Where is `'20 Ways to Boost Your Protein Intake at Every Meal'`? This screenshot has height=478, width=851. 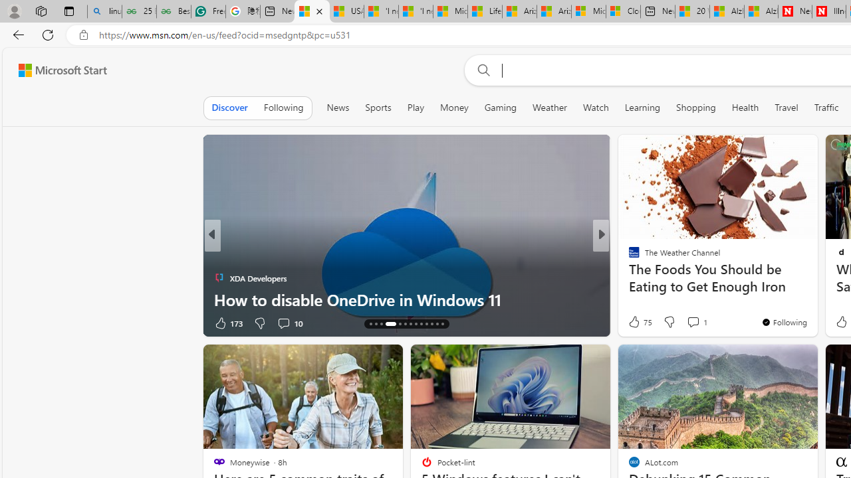 '20 Ways to Boost Your Protein Intake at Every Meal' is located at coordinates (691, 11).